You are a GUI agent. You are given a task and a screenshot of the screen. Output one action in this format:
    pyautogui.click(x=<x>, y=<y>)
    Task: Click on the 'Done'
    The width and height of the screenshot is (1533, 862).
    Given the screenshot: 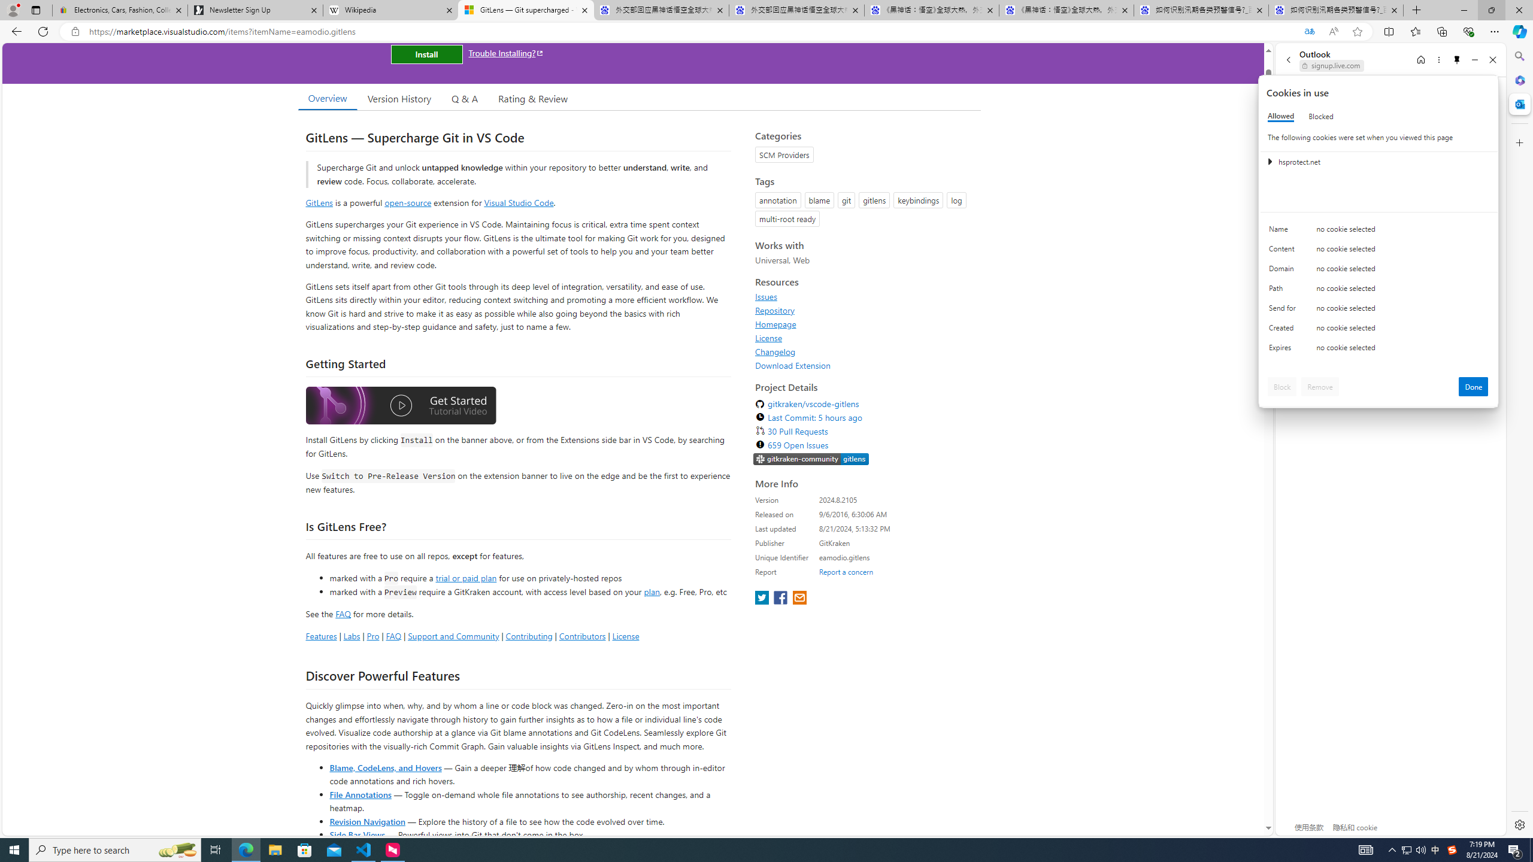 What is the action you would take?
    pyautogui.click(x=1474, y=387)
    